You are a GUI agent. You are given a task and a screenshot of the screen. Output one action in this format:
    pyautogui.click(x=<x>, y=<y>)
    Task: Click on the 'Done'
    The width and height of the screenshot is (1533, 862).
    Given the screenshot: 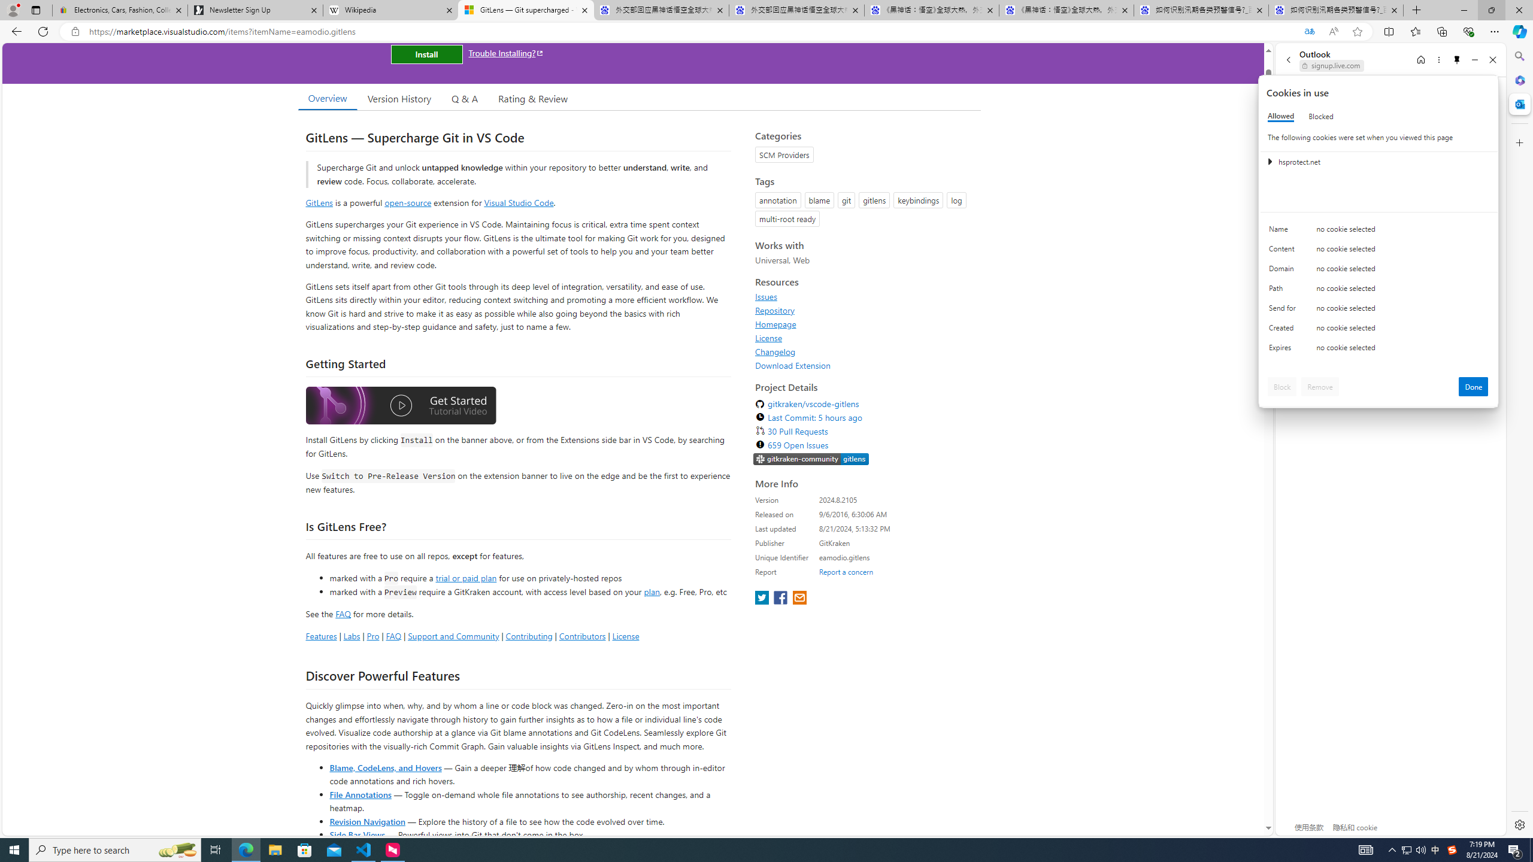 What is the action you would take?
    pyautogui.click(x=1474, y=387)
    